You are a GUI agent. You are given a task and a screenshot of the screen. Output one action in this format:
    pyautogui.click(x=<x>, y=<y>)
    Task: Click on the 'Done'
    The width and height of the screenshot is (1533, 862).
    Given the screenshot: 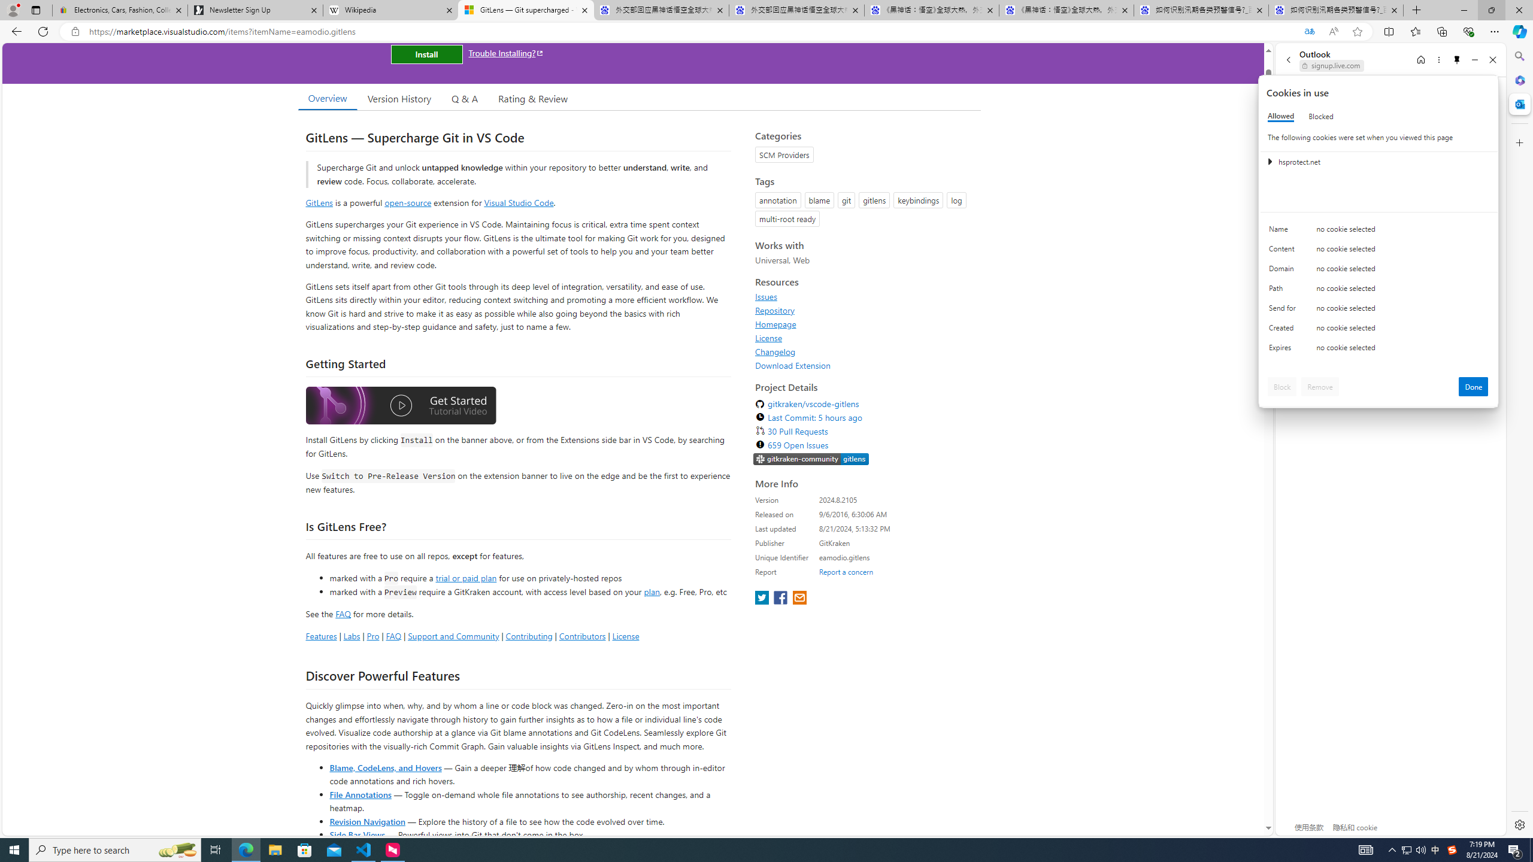 What is the action you would take?
    pyautogui.click(x=1474, y=387)
    